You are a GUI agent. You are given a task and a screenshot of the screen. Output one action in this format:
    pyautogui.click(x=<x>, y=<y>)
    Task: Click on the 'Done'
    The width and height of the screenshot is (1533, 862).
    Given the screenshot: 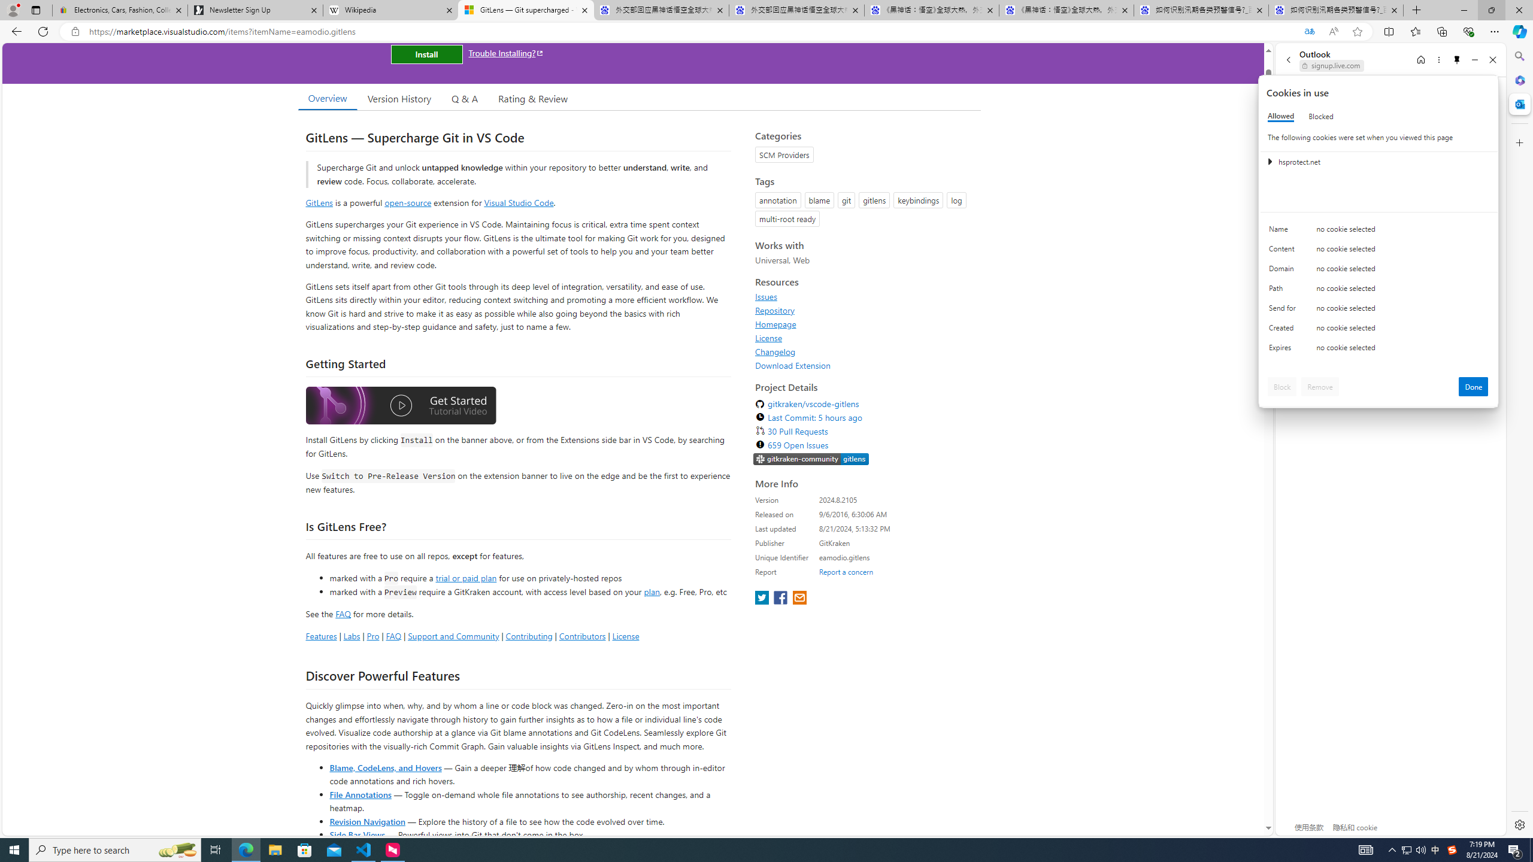 What is the action you would take?
    pyautogui.click(x=1474, y=387)
    